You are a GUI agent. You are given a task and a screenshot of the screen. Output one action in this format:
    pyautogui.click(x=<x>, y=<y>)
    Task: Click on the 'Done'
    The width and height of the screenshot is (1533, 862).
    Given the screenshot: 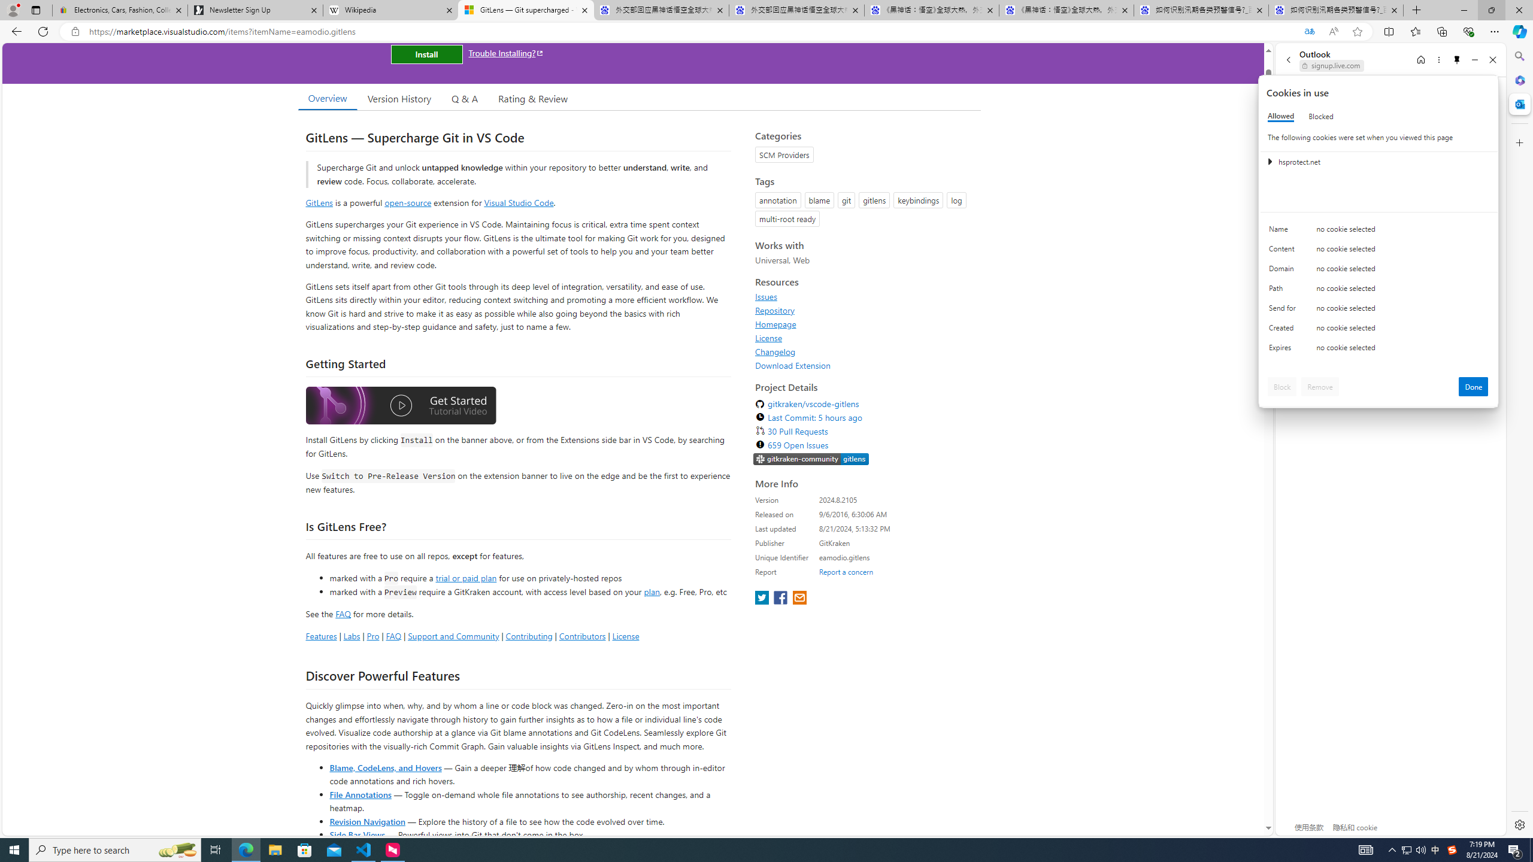 What is the action you would take?
    pyautogui.click(x=1474, y=387)
    